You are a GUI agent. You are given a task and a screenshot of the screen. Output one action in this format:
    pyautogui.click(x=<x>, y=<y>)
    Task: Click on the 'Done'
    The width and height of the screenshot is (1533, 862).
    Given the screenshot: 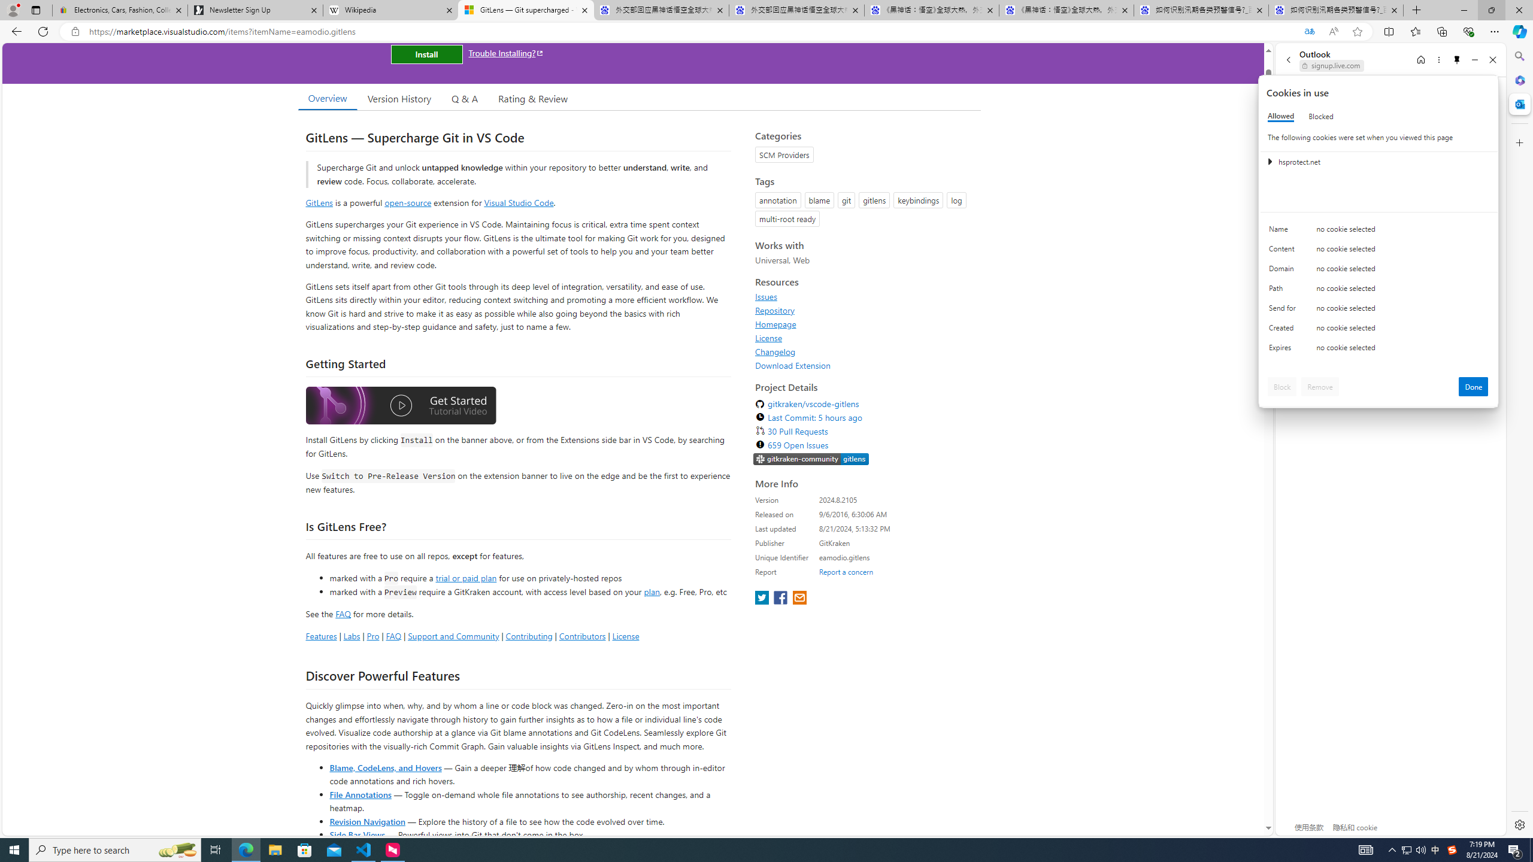 What is the action you would take?
    pyautogui.click(x=1474, y=387)
    